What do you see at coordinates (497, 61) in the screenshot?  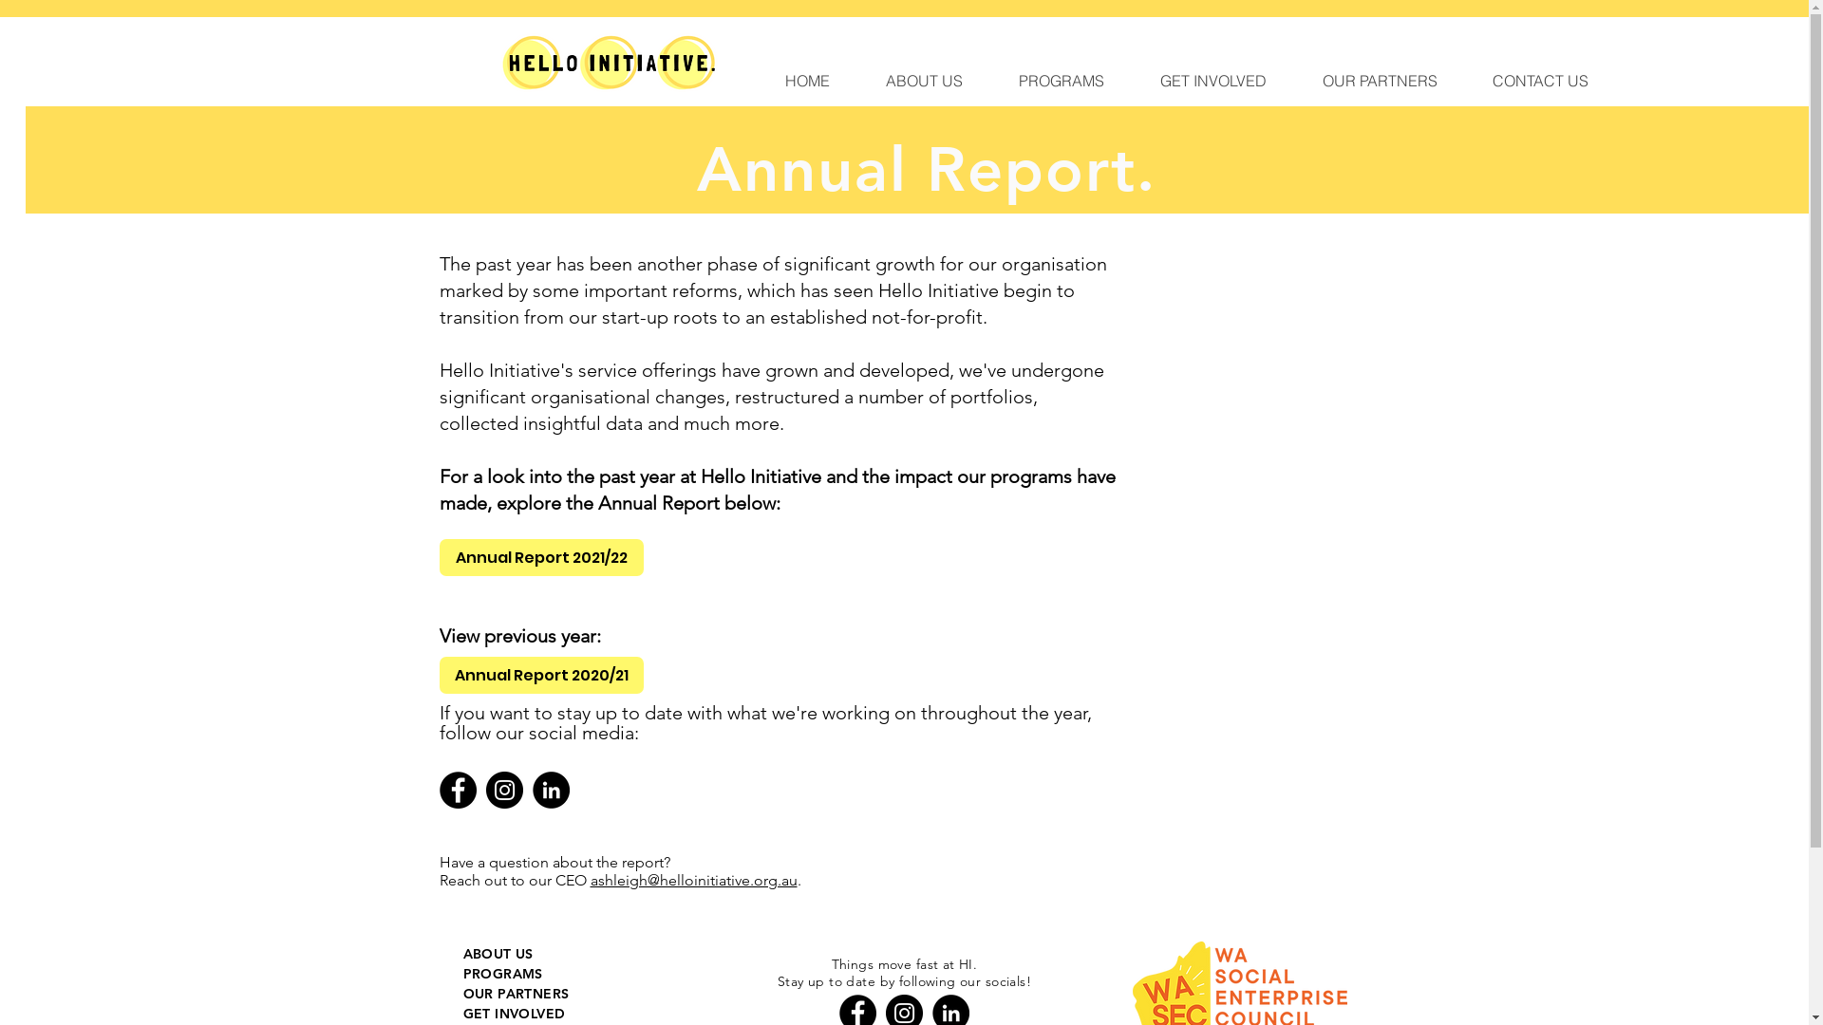 I see `'Logo (1).png'` at bounding box center [497, 61].